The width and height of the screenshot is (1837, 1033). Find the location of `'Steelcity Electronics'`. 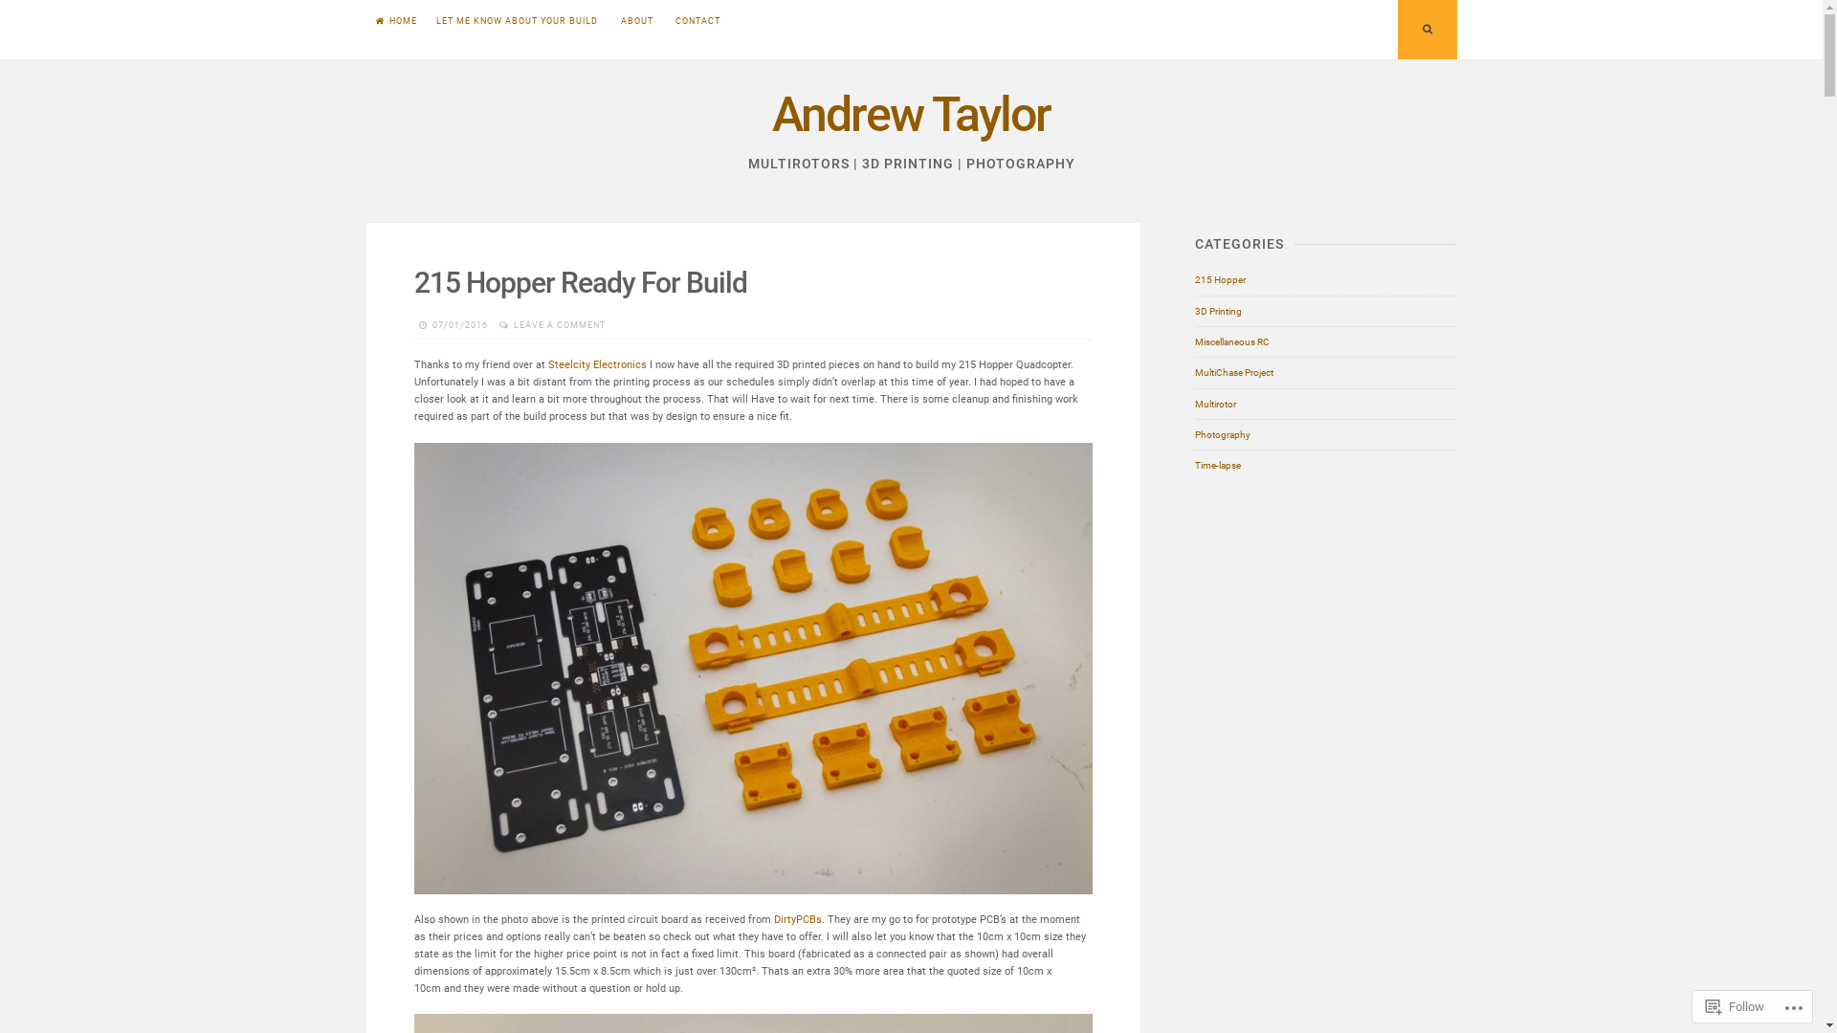

'Steelcity Electronics' is located at coordinates (596, 364).